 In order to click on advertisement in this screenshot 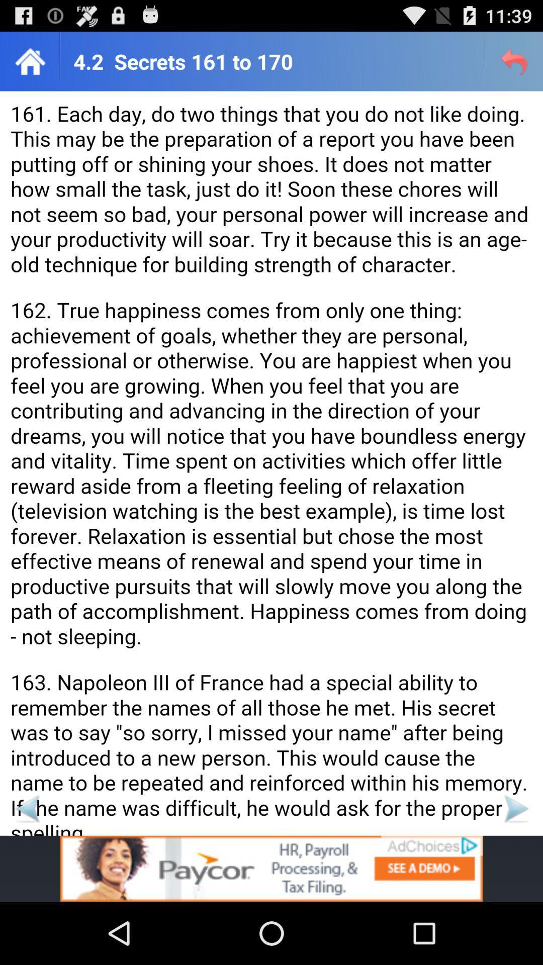, I will do `click(271, 868)`.